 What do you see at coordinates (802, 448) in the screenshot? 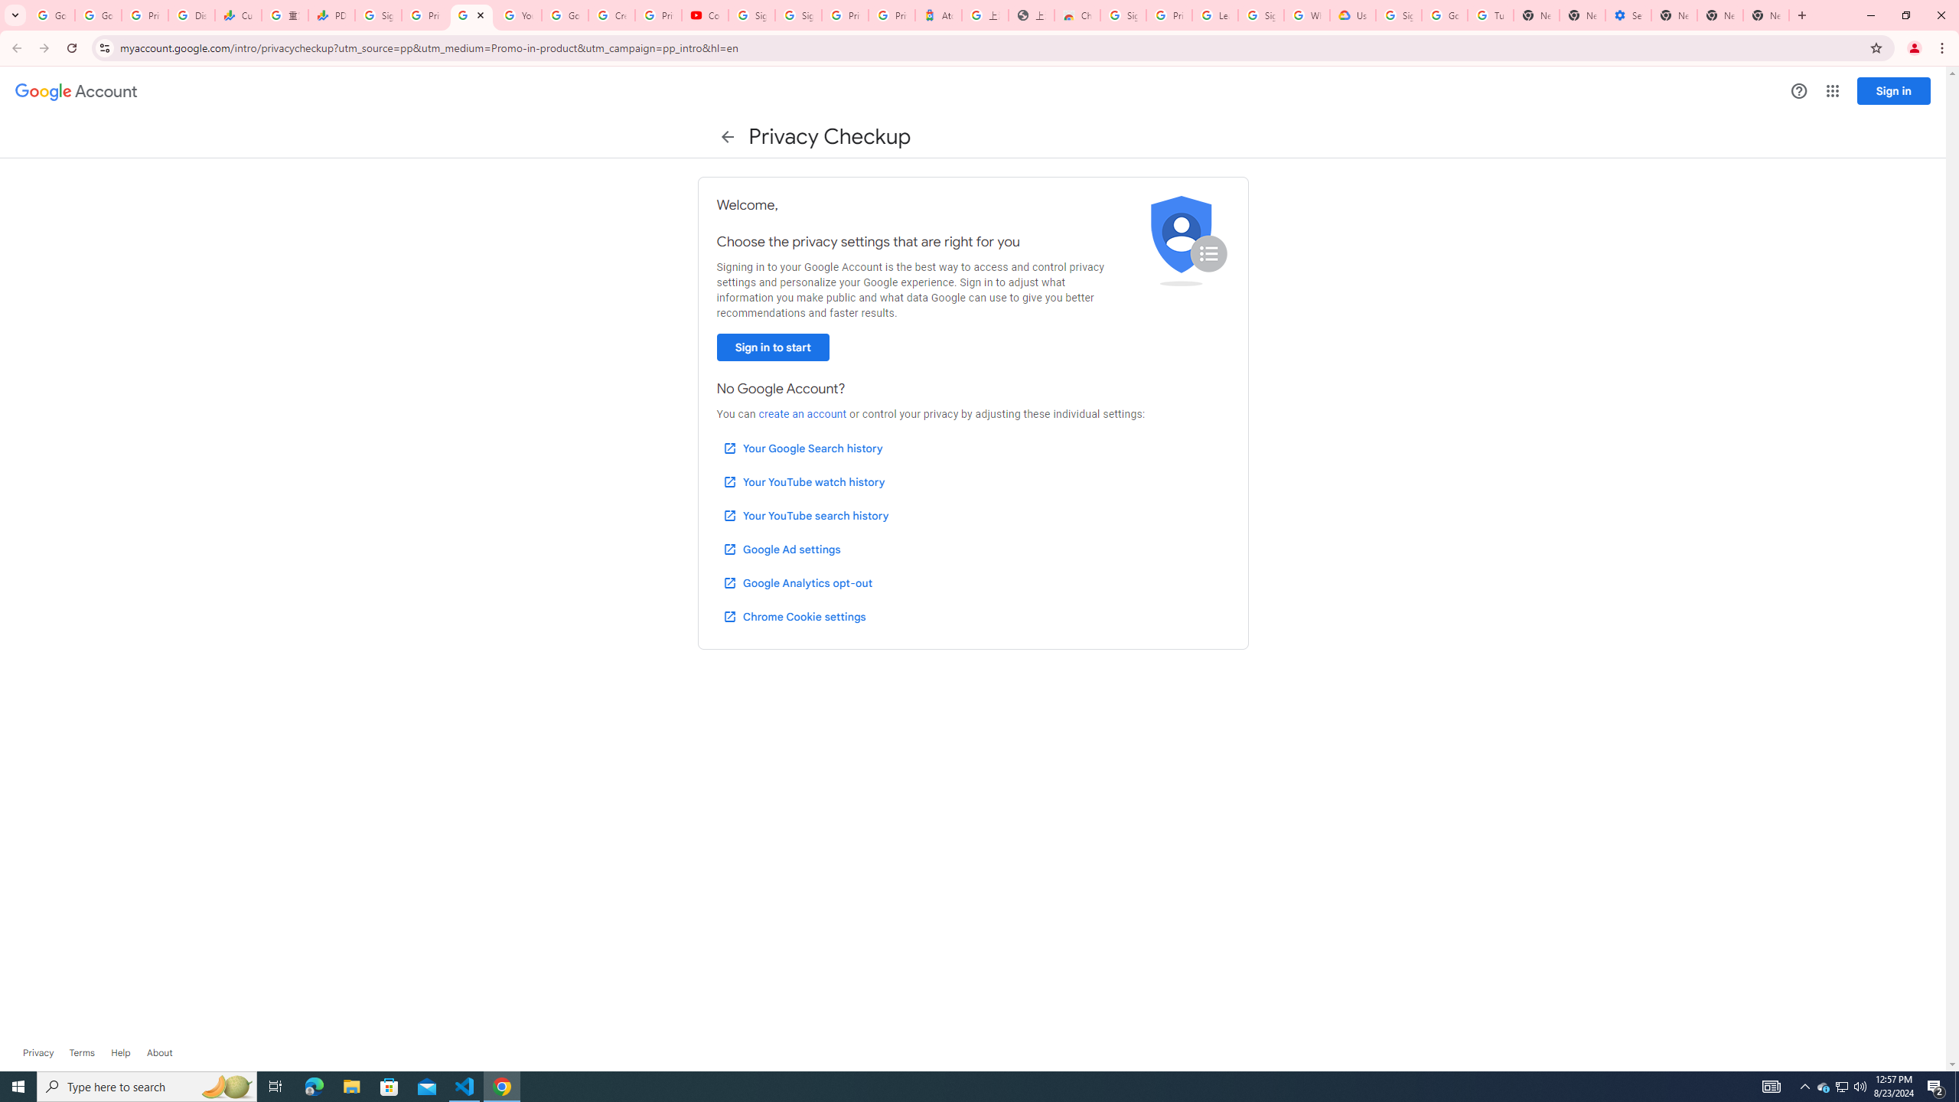
I see `'Your Google Search history'` at bounding box center [802, 448].